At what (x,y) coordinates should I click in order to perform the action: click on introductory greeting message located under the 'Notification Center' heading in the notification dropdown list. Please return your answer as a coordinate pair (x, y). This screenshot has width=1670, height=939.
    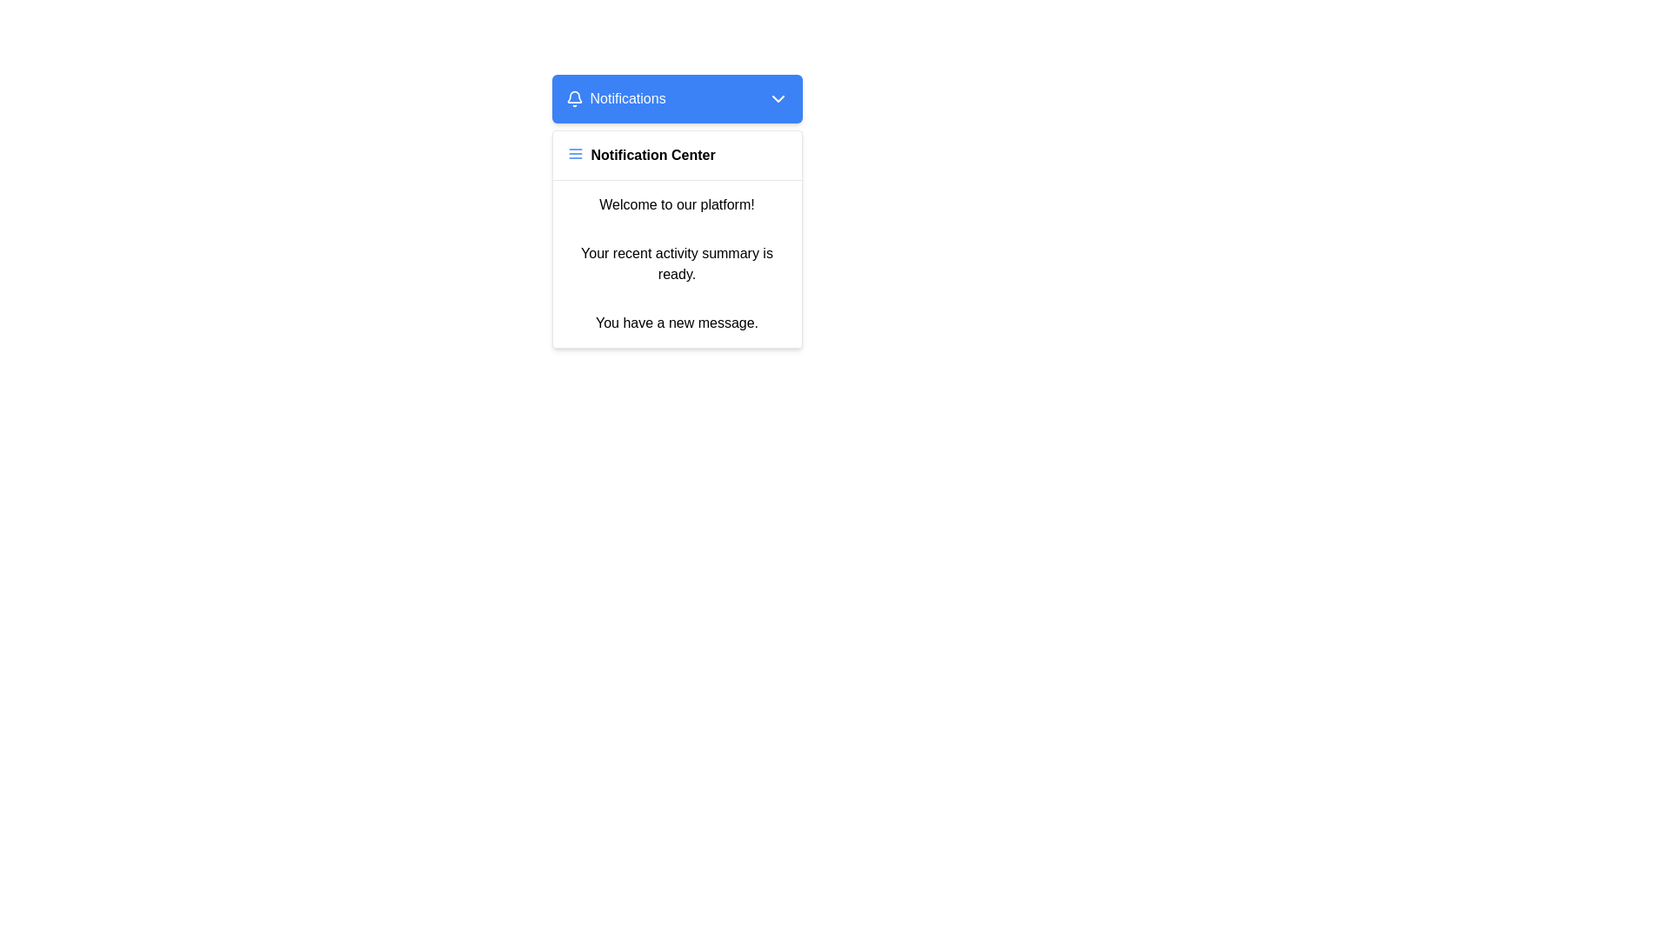
    Looking at the image, I should click on (676, 203).